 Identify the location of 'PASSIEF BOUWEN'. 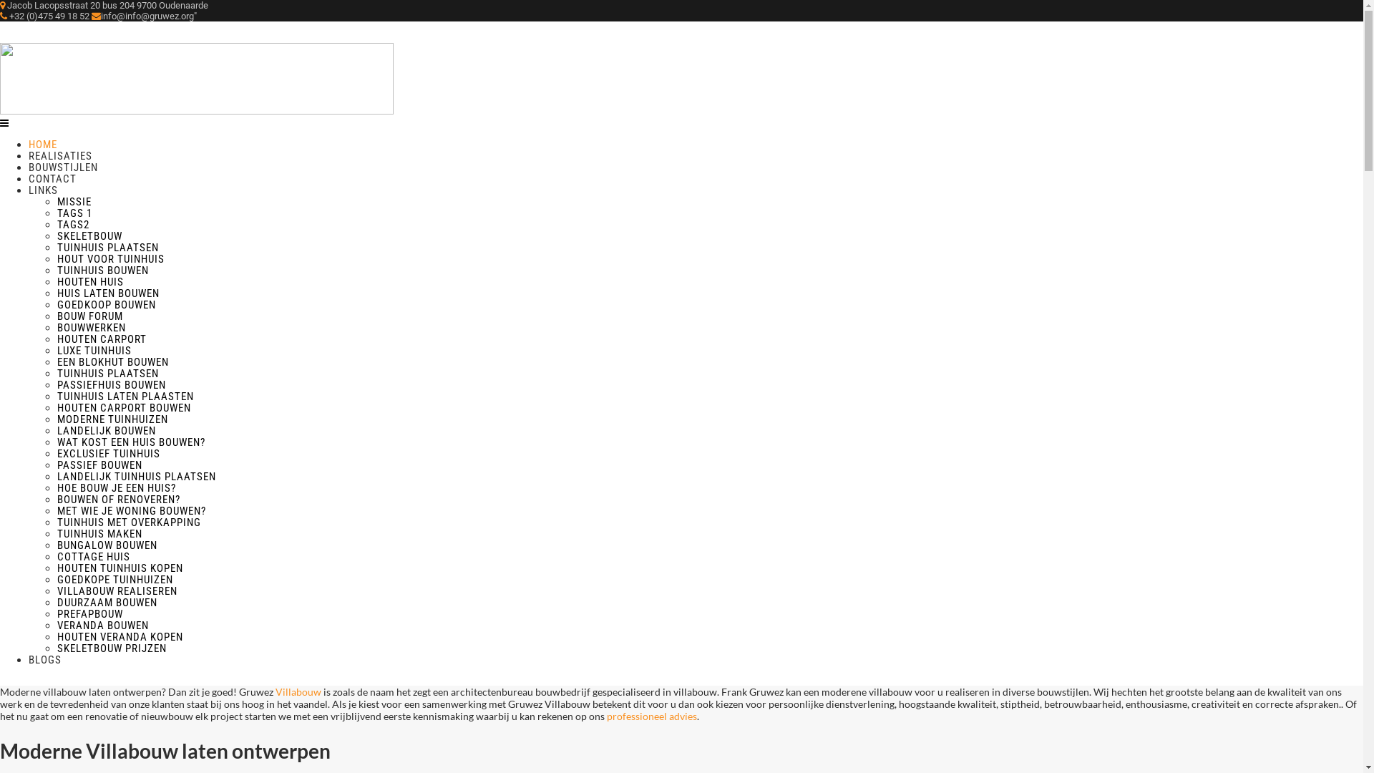
(99, 465).